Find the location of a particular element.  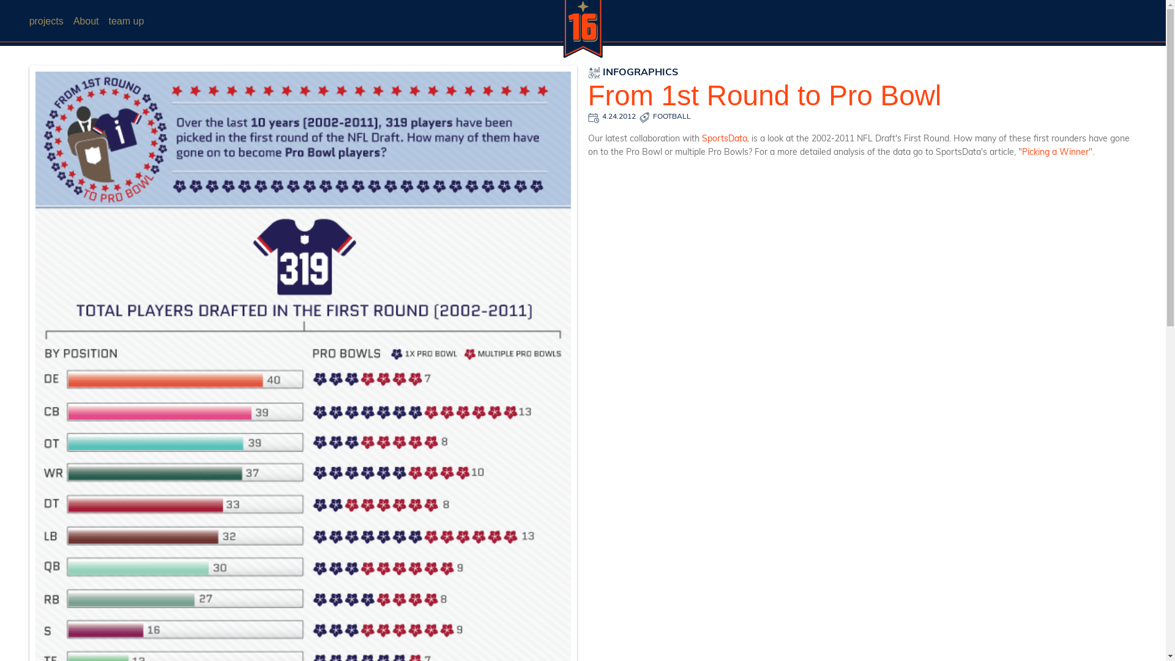

'Picking a Winner' is located at coordinates (1022, 152).